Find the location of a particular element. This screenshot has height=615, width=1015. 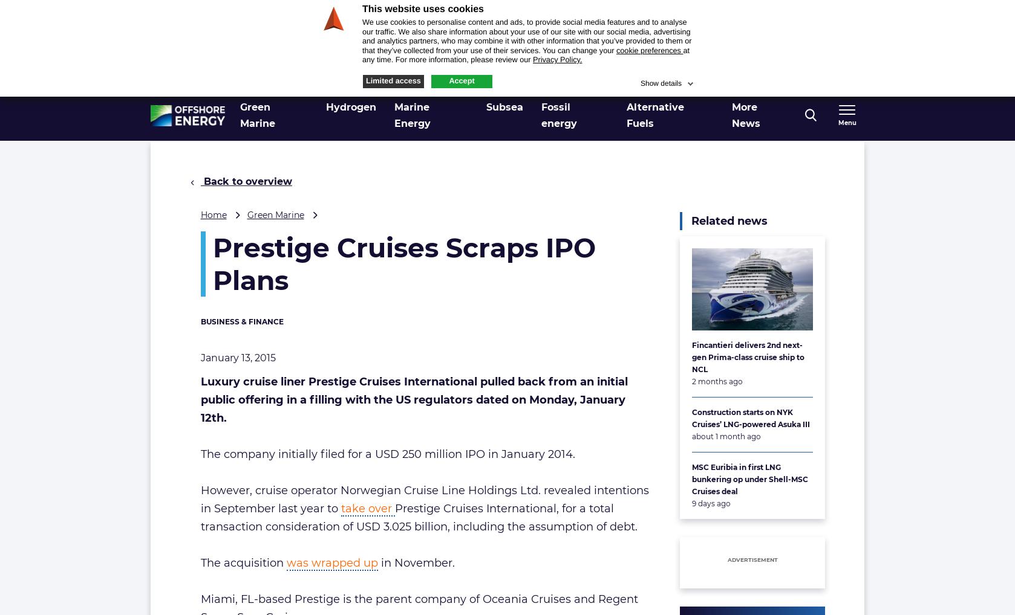

'Luxury cruise liner Prestige Cruises International pulled back from an initial public offering in a filling with the US regulators dated on Monday, January 12th.' is located at coordinates (413, 399).